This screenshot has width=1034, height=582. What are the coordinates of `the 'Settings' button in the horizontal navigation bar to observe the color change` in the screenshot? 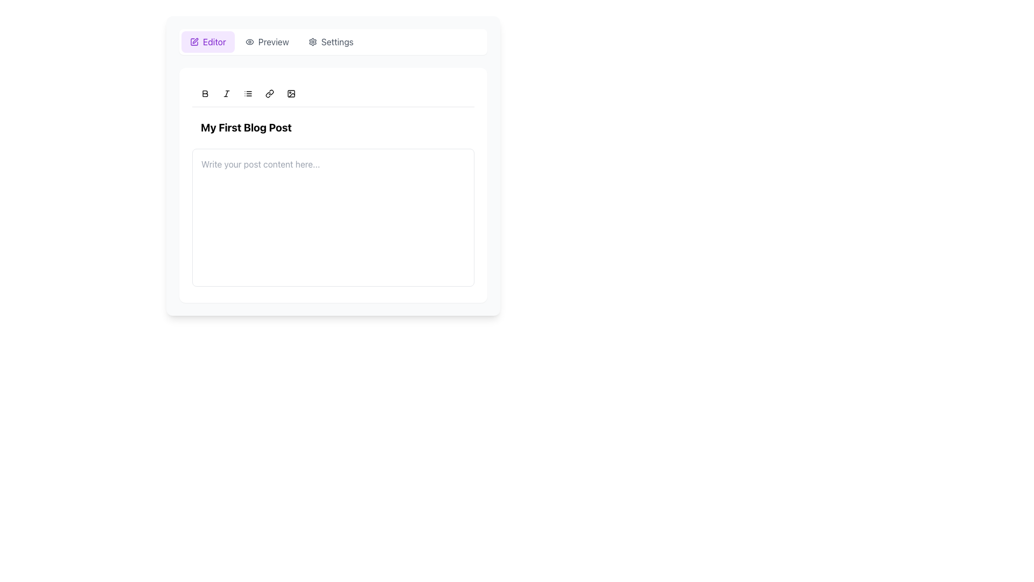 It's located at (330, 41).